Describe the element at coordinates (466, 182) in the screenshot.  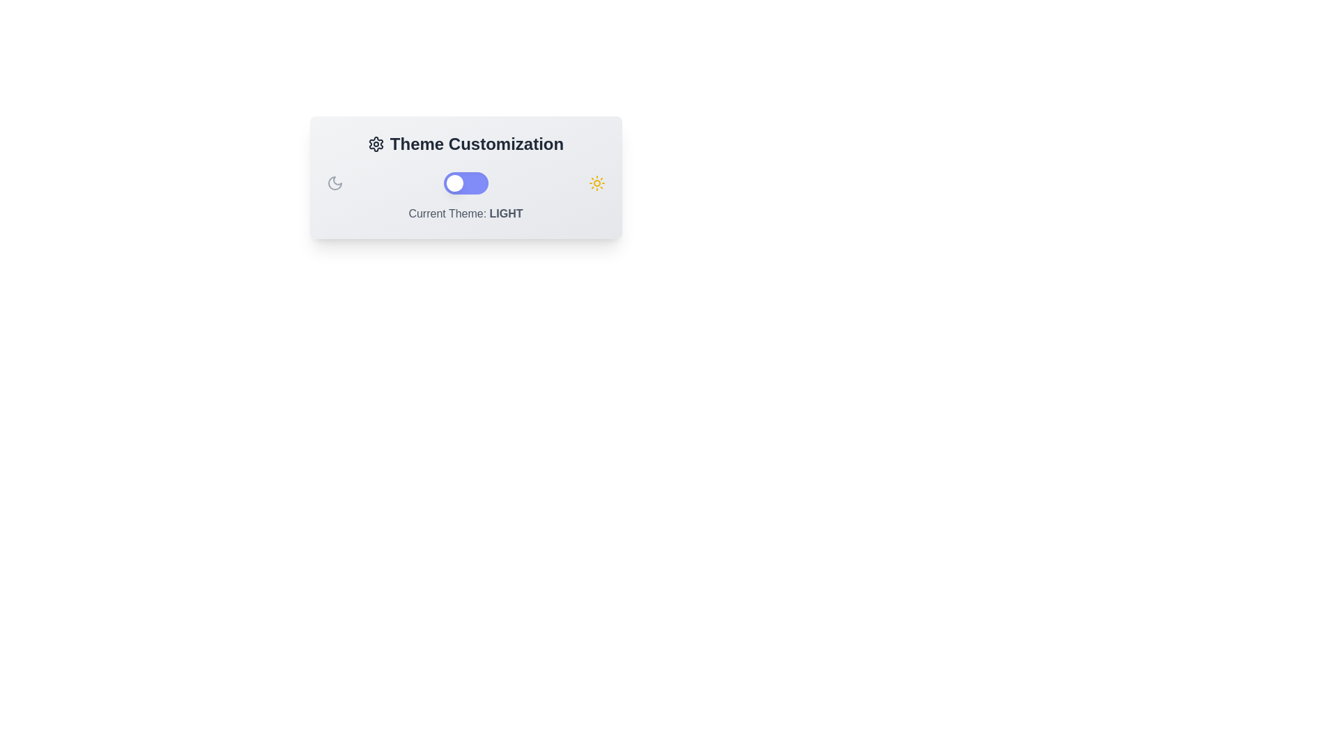
I see `the toggle switch to change the theme` at that location.